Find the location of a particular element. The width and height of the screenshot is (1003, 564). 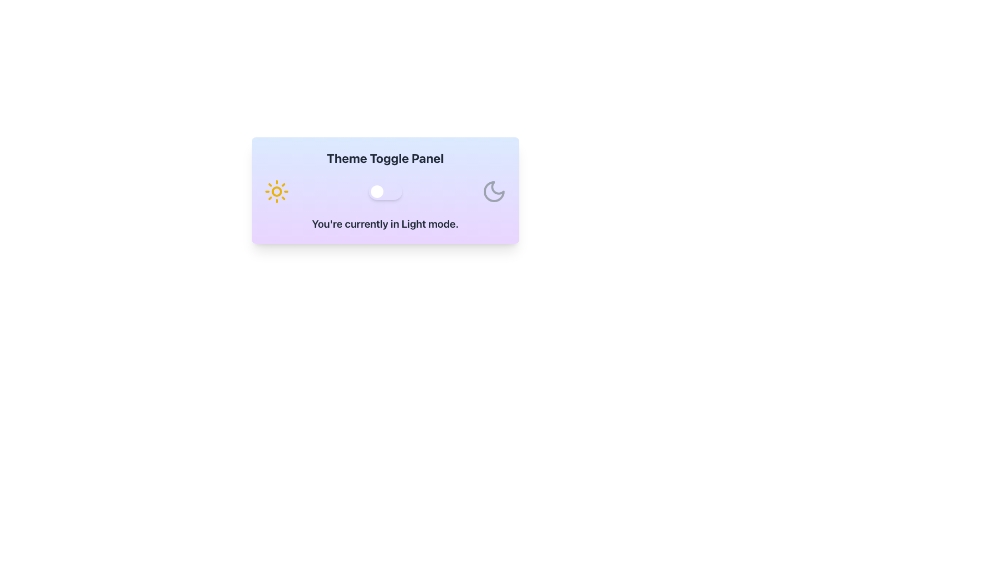

the crescent moon icon in the Theme Toggle Panel is located at coordinates (493, 191).